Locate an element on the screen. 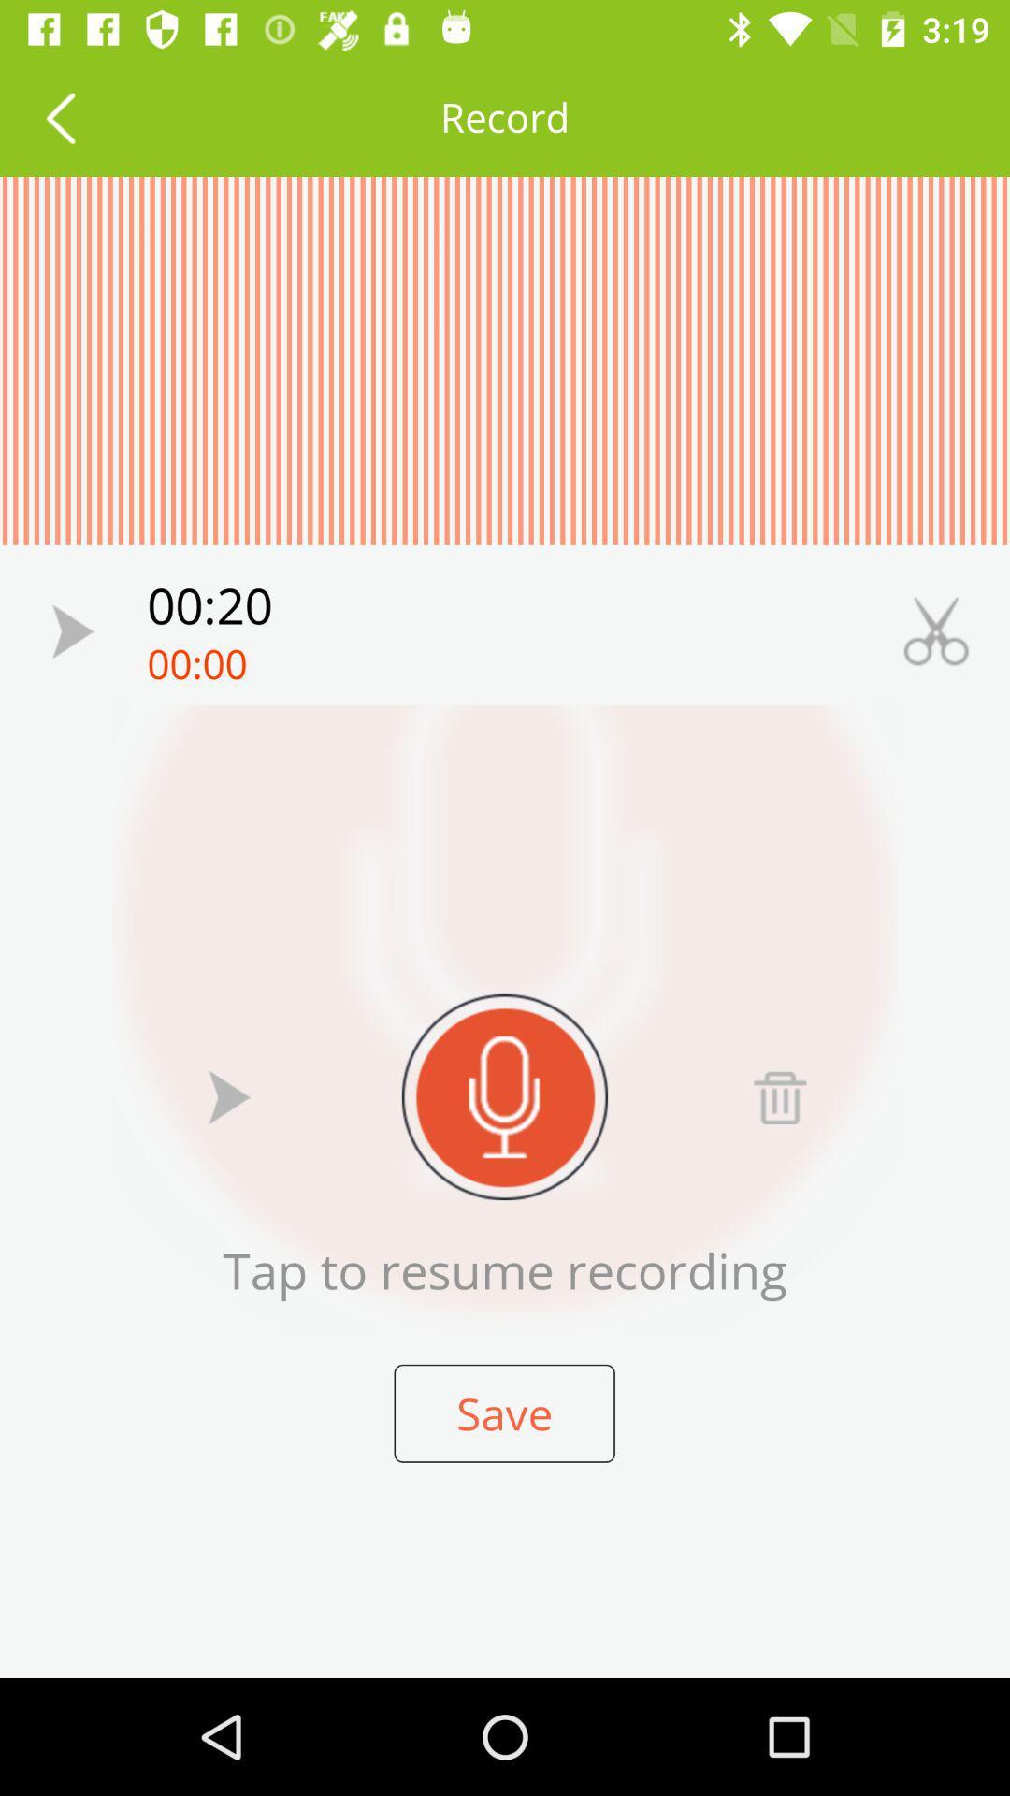 The width and height of the screenshot is (1010, 1796). previous is located at coordinates (59, 116).